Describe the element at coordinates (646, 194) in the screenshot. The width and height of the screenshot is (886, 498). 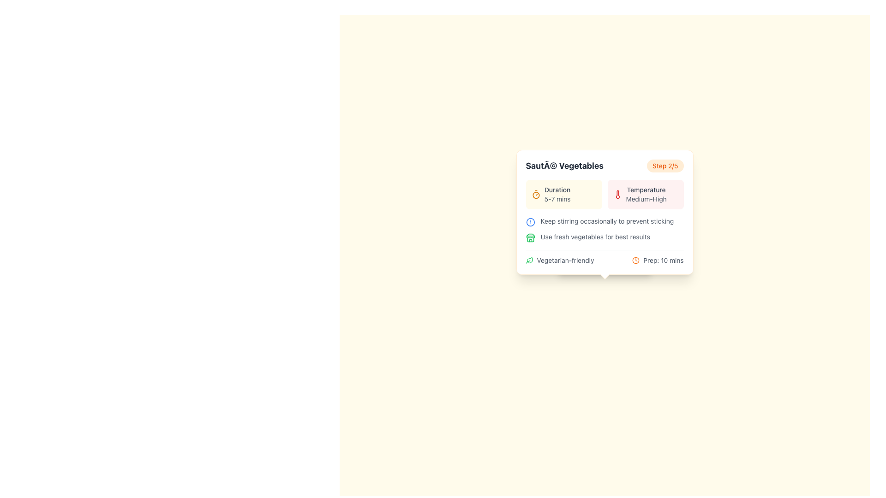
I see `the 'Temperature' label that displays 'Medium-High' on a light pink background, located in the top-right corner of the card next to the thermometer icon` at that location.